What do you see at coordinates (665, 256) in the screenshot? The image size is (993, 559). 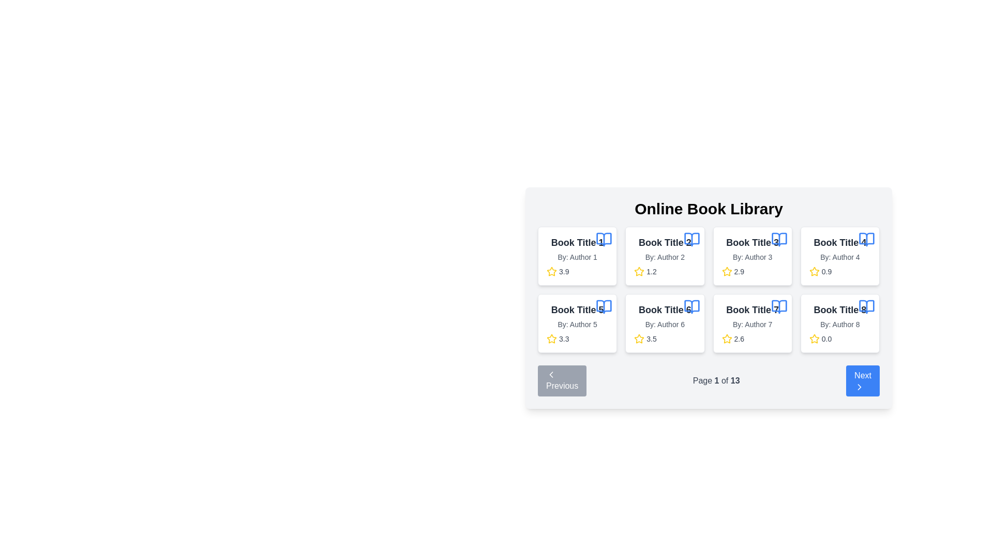 I see `the Information card displaying a book's details, positioned as the second card in the first row of a 4-column grid` at bounding box center [665, 256].